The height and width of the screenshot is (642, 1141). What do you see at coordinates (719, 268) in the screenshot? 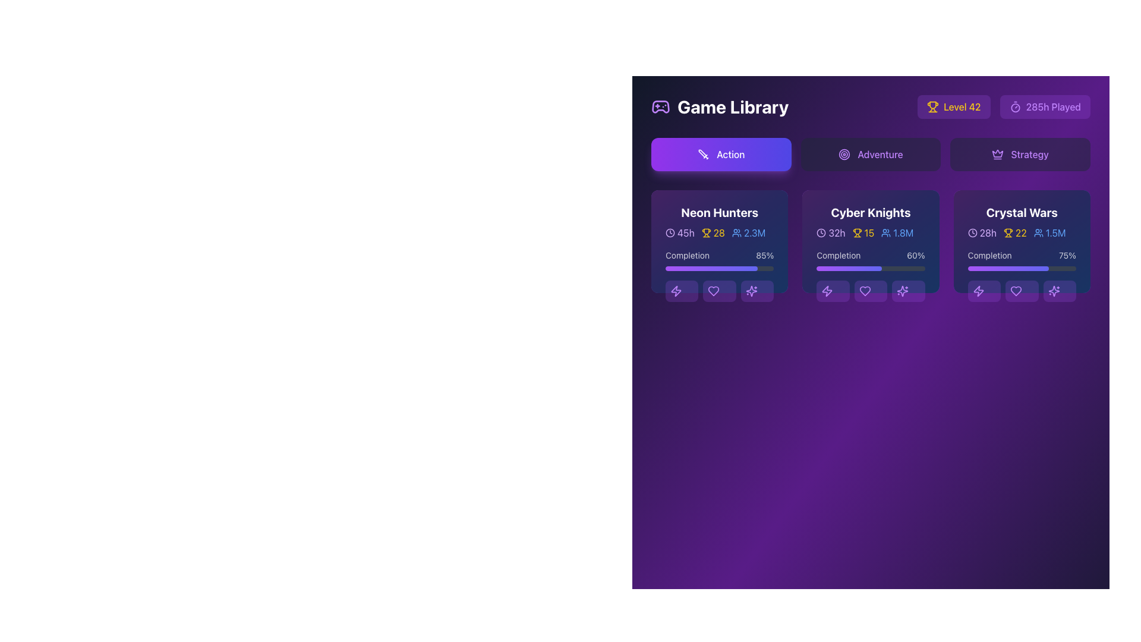
I see `the completion level represented by the Progress Bar, which is a narrow horizontal bar with a dark gray background and a colored segment transitioning from purple to indigo, located within the 'Neon Hunters' game card in the 'Game Library' interface` at bounding box center [719, 268].